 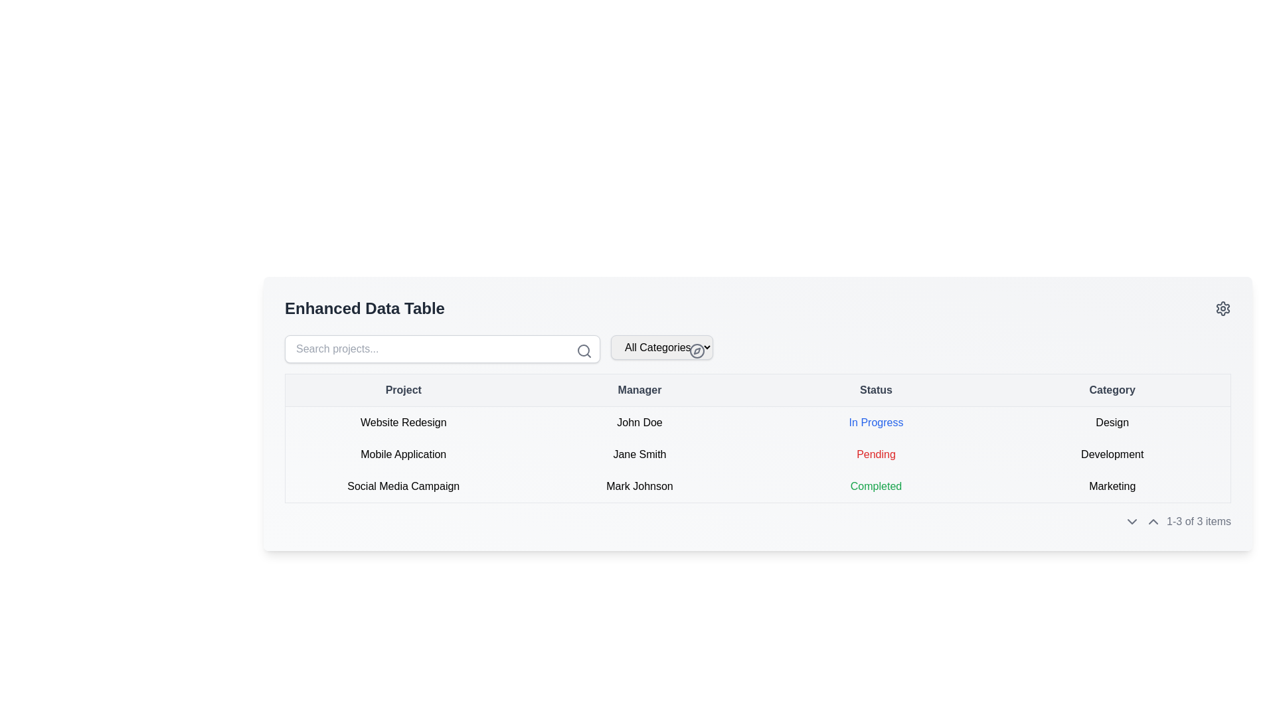 What do you see at coordinates (402, 454) in the screenshot?
I see `the text label reading 'Mobile Application' in the second row of the data table under the 'Project' column` at bounding box center [402, 454].